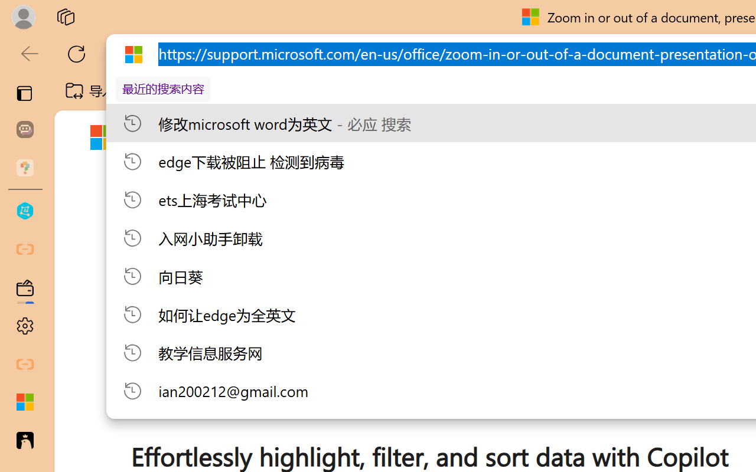 Image resolution: width=756 pixels, height=472 pixels. What do you see at coordinates (25, 402) in the screenshot?
I see `'Adjust indents and spacing - Microsoft Support'` at bounding box center [25, 402].